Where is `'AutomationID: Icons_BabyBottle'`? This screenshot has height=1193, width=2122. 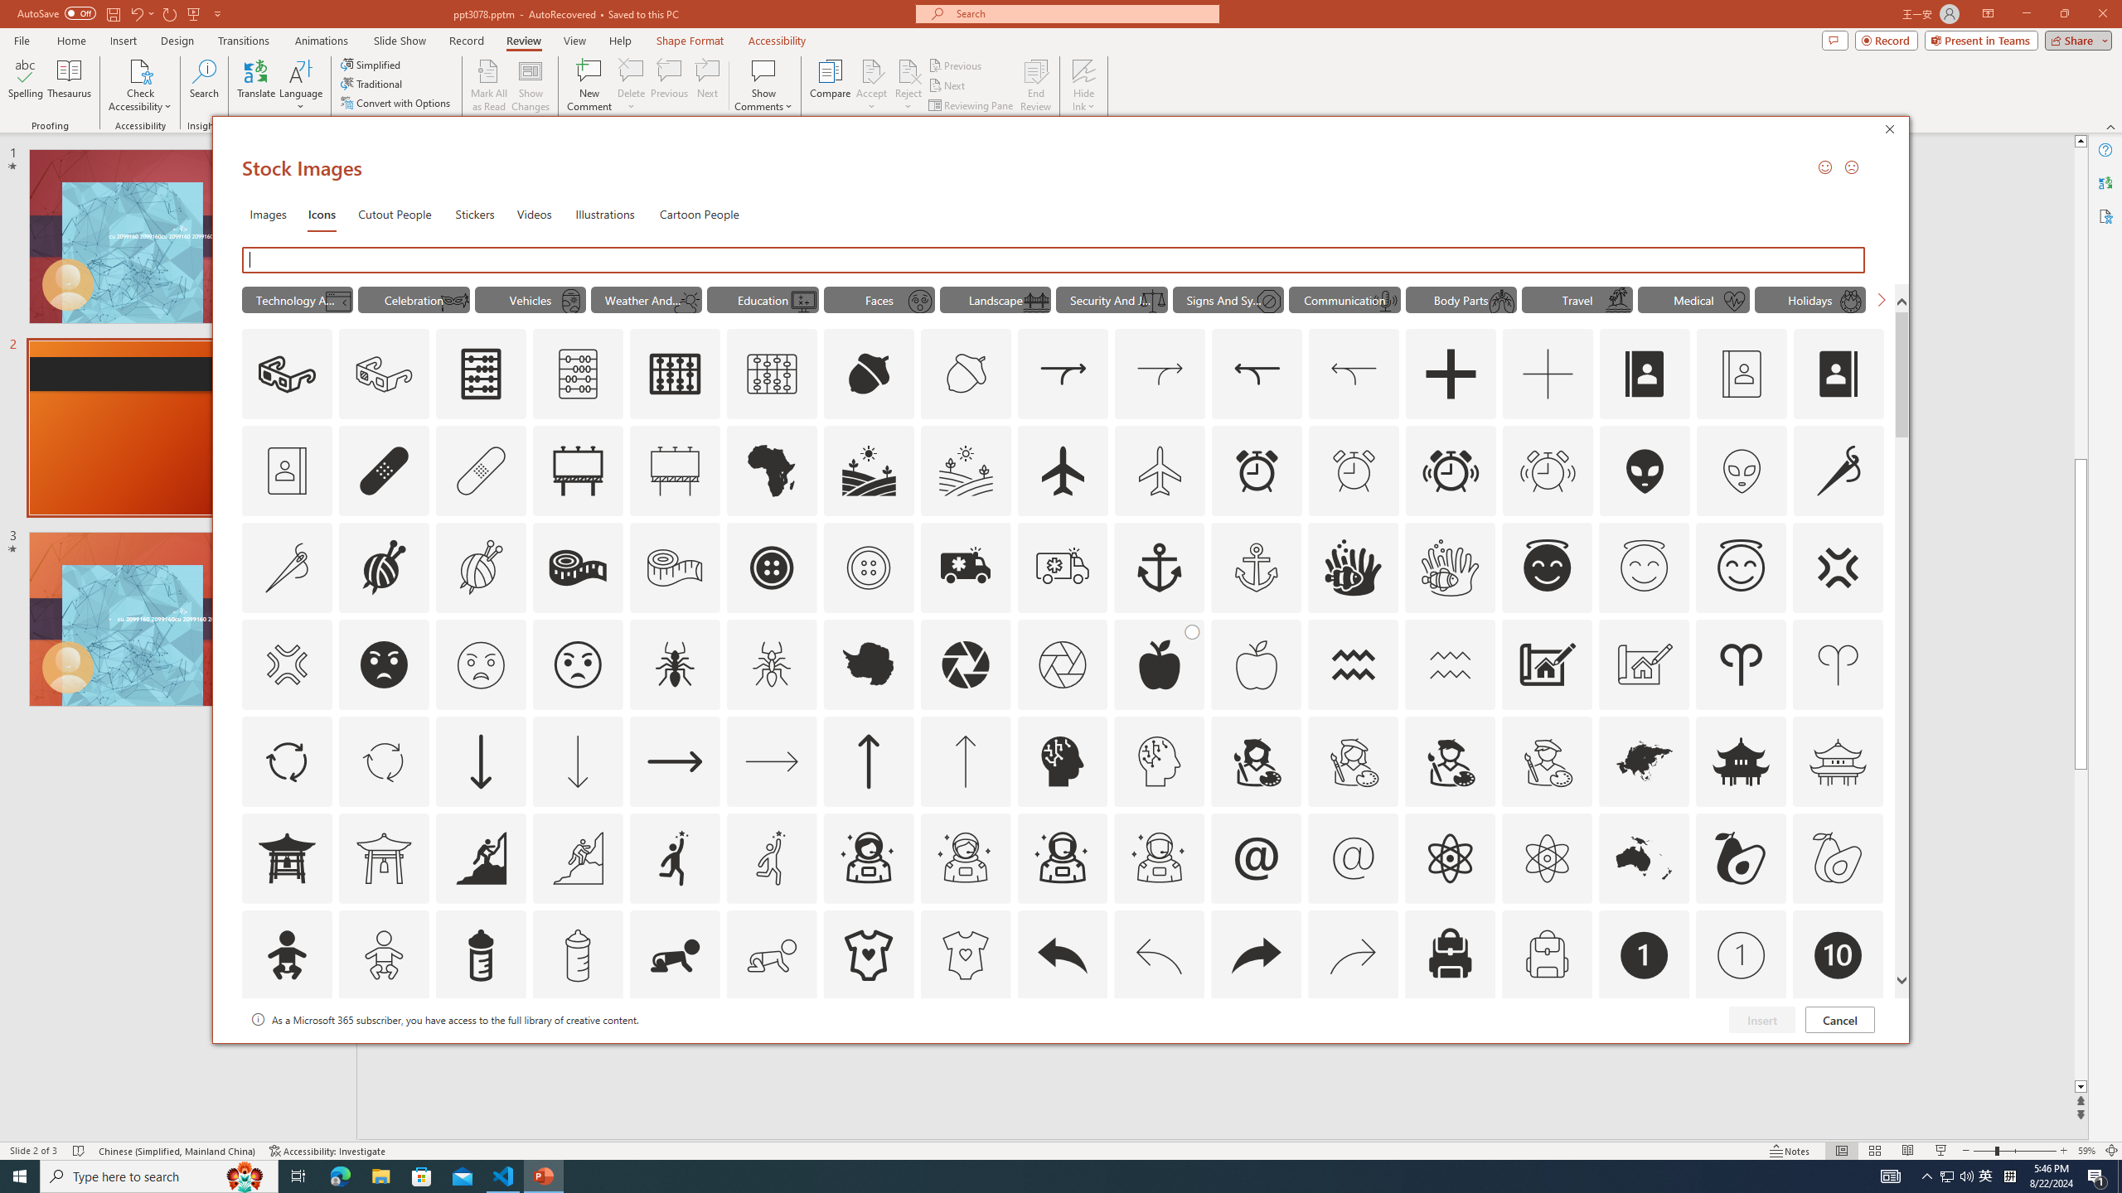 'AutomationID: Icons_BabyBottle' is located at coordinates (479, 954).